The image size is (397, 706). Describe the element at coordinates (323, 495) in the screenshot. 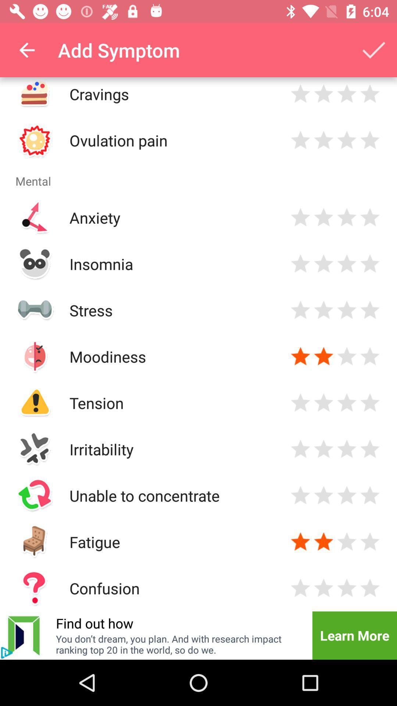

I see `two stars to unable to concentrate symptom` at that location.